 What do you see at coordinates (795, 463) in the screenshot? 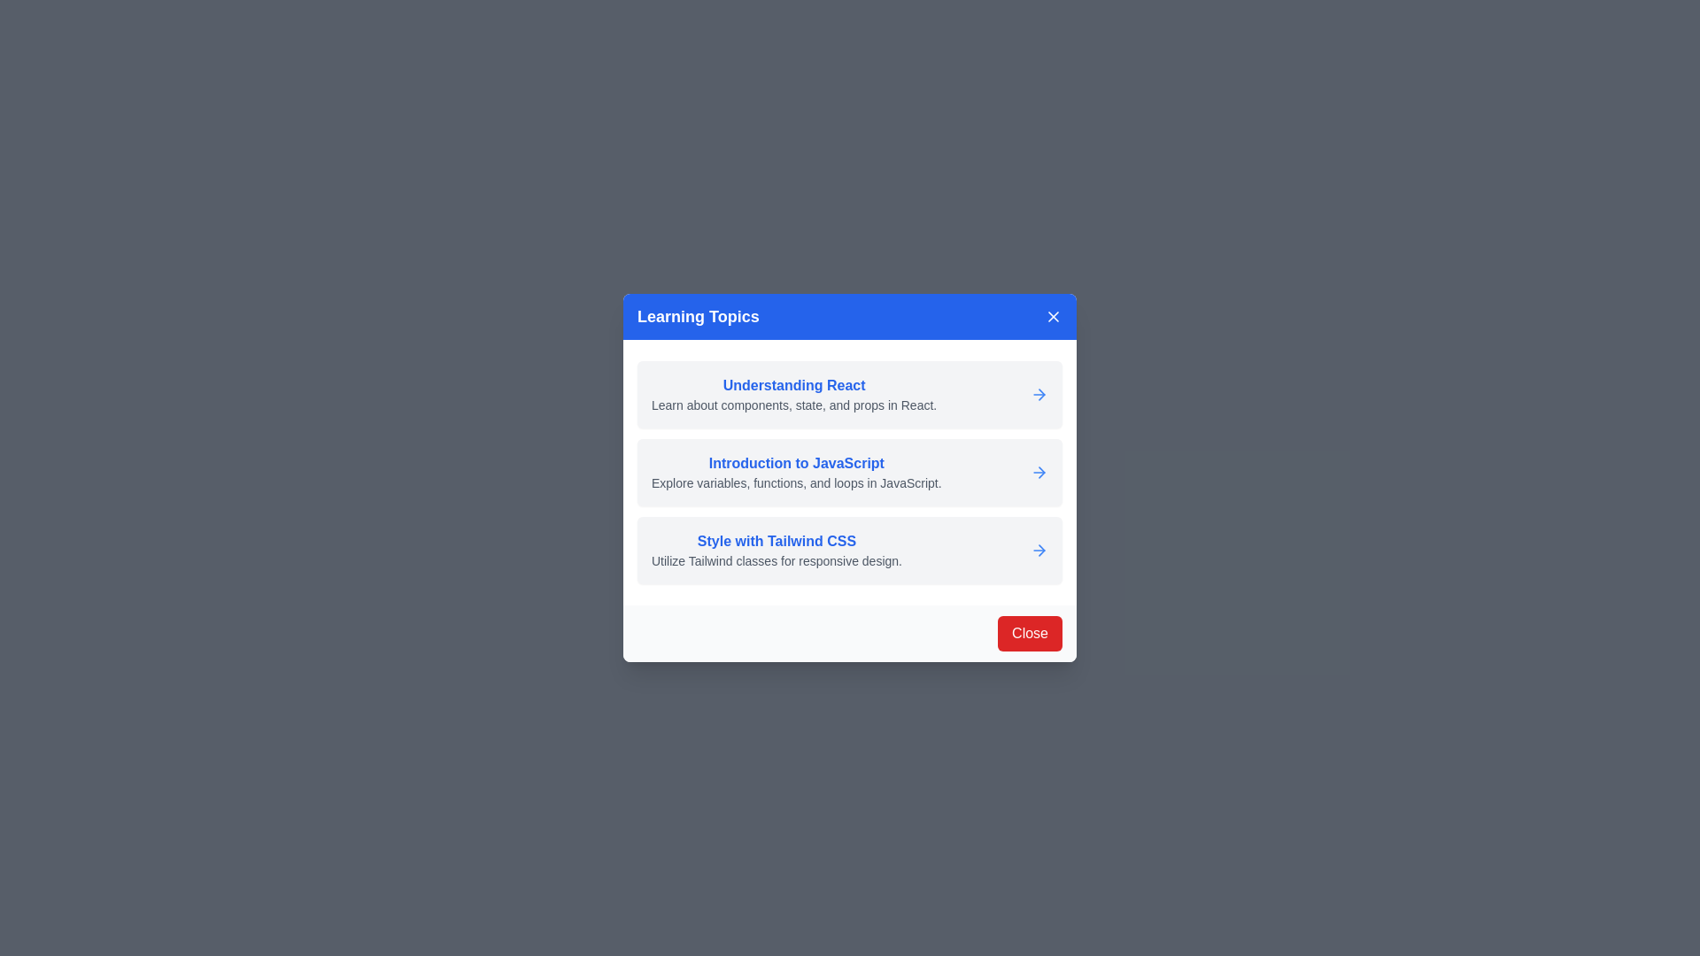
I see `the bold blue text label displaying 'Introduction to JavaScript'` at bounding box center [795, 463].